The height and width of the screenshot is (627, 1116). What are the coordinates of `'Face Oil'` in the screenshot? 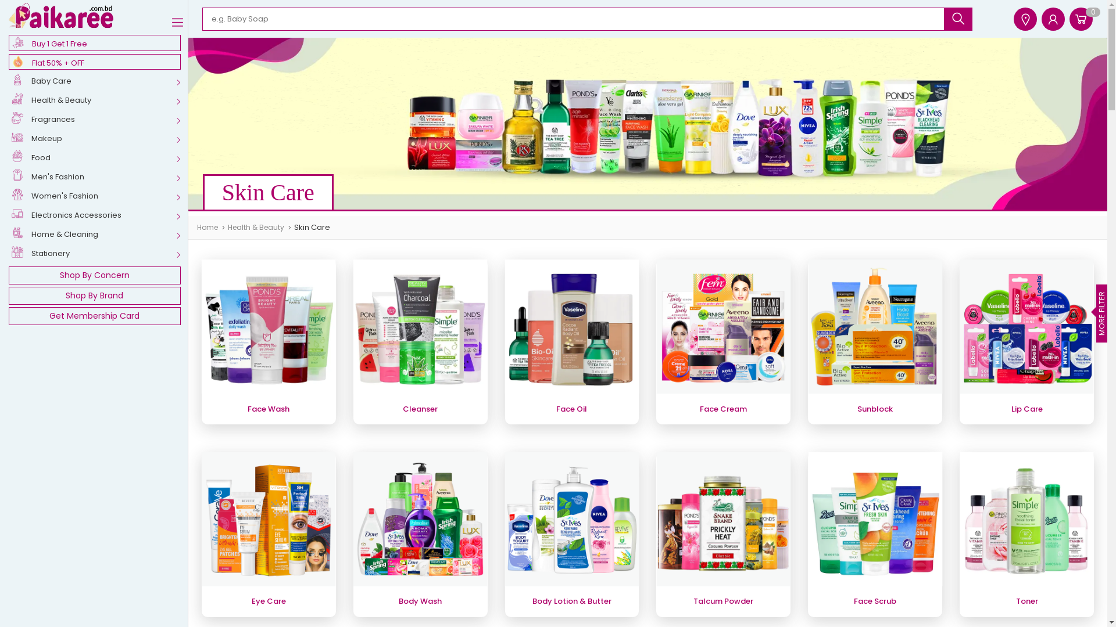 It's located at (572, 341).